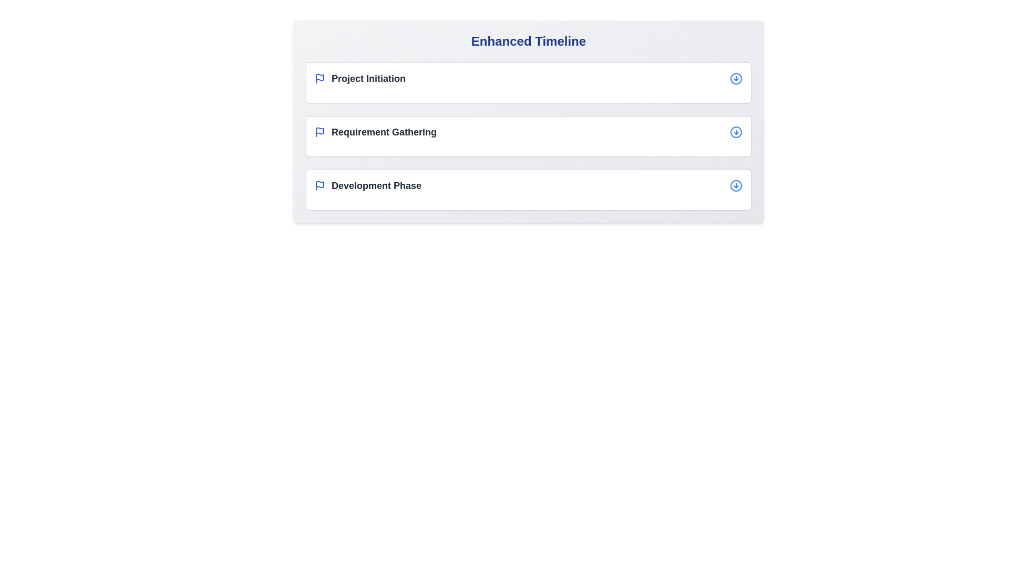 This screenshot has width=1009, height=567. What do you see at coordinates (736, 131) in the screenshot?
I see `the circular icon with a blue outline and downward arrow located at the right end of the 'Requirement Gathering' row` at bounding box center [736, 131].